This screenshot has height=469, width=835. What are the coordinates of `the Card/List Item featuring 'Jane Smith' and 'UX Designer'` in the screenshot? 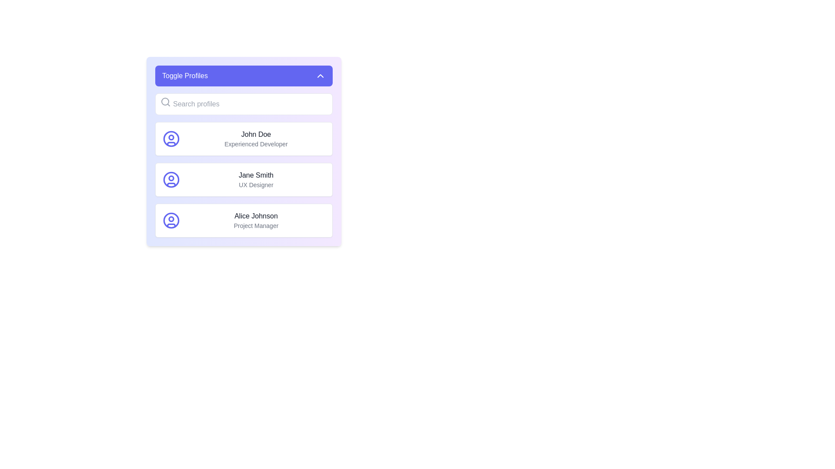 It's located at (244, 179).